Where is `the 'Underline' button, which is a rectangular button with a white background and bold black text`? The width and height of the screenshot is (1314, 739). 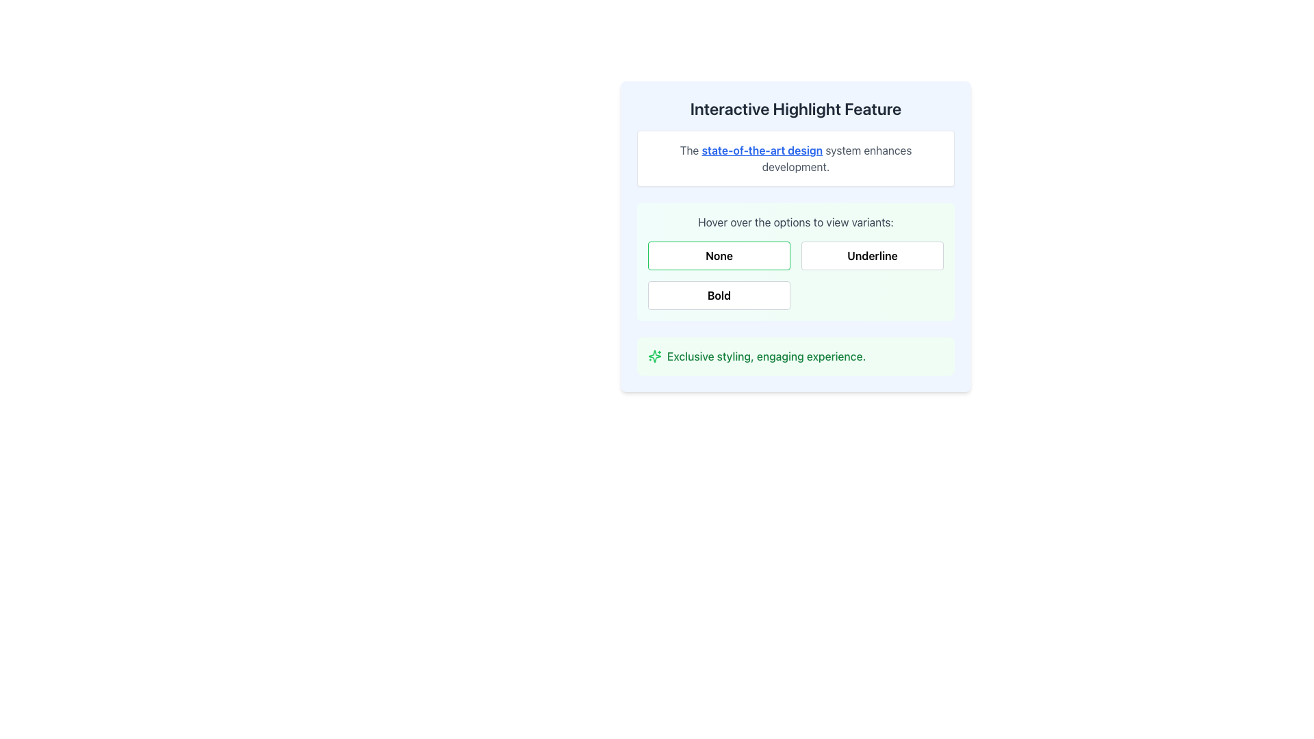 the 'Underline' button, which is a rectangular button with a white background and bold black text is located at coordinates (872, 256).